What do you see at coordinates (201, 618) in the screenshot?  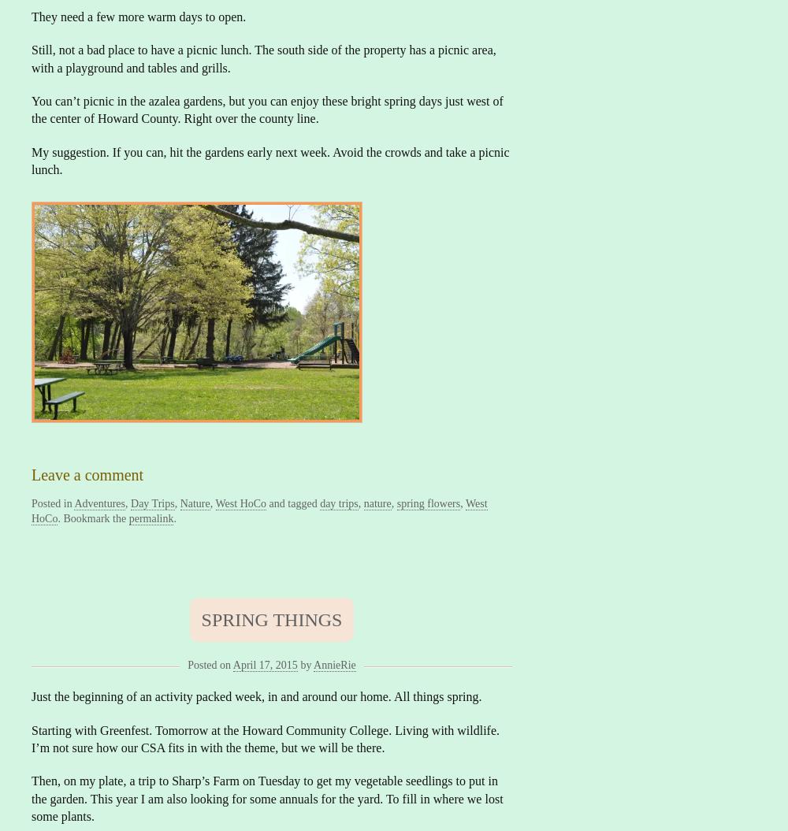 I see `'Spring Things'` at bounding box center [201, 618].